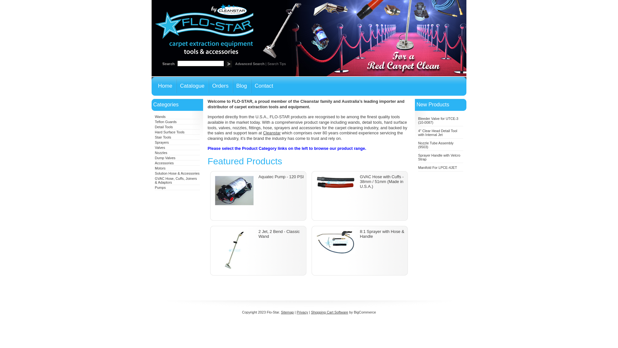 The image size is (618, 348). Describe the element at coordinates (154, 162) in the screenshot. I see `'Accessories'` at that location.